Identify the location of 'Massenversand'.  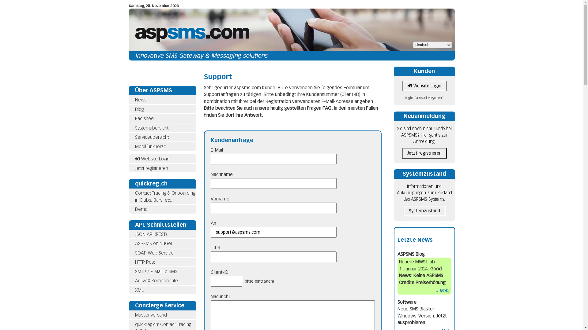
(150, 315).